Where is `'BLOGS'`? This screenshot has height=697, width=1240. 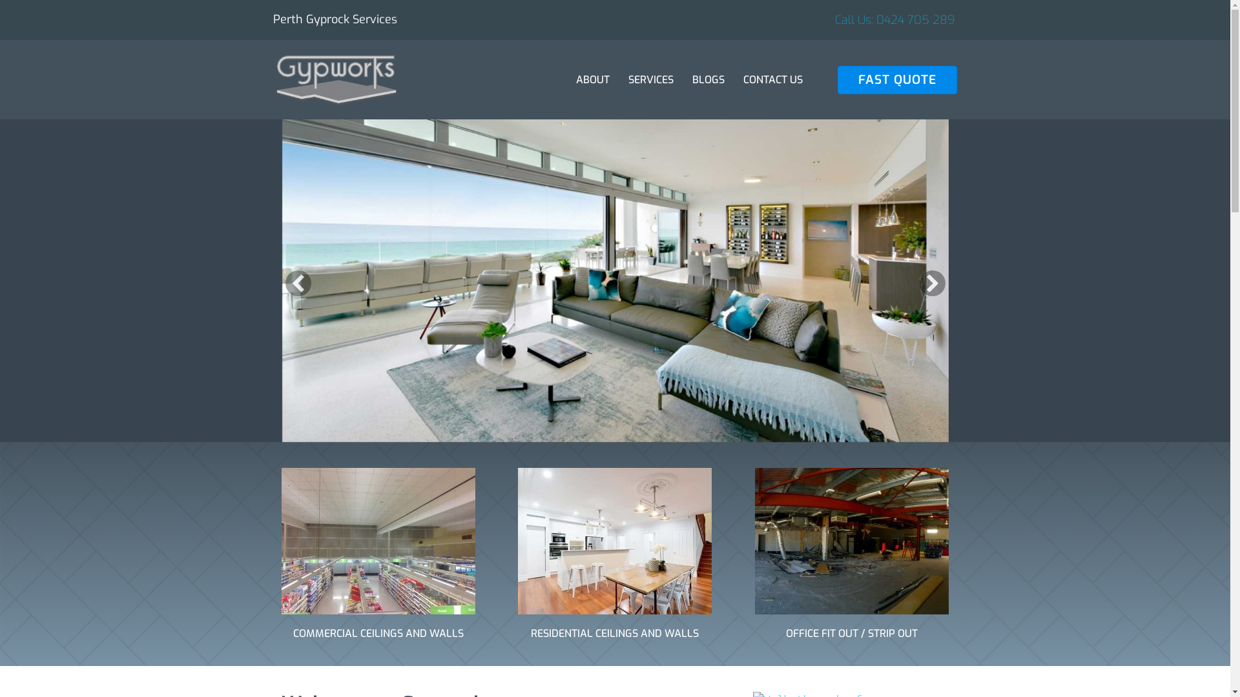 'BLOGS' is located at coordinates (708, 79).